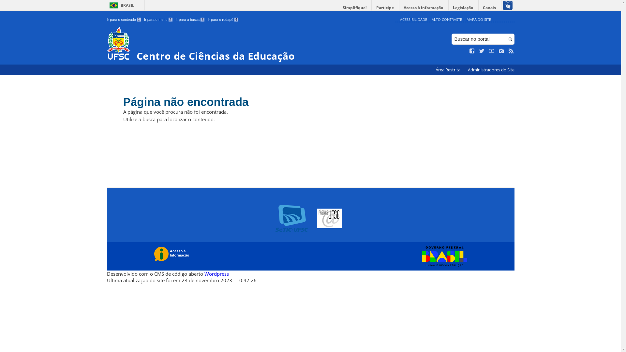  Describe the element at coordinates (385, 7) in the screenshot. I see `'Participe'` at that location.